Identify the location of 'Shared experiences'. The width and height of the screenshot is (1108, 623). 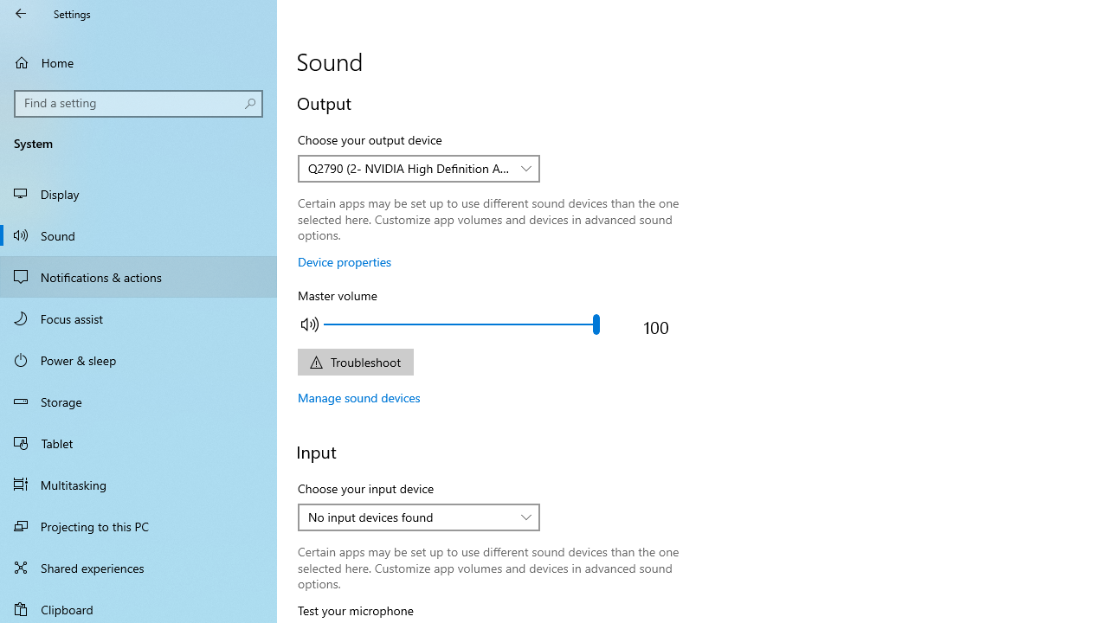
(138, 567).